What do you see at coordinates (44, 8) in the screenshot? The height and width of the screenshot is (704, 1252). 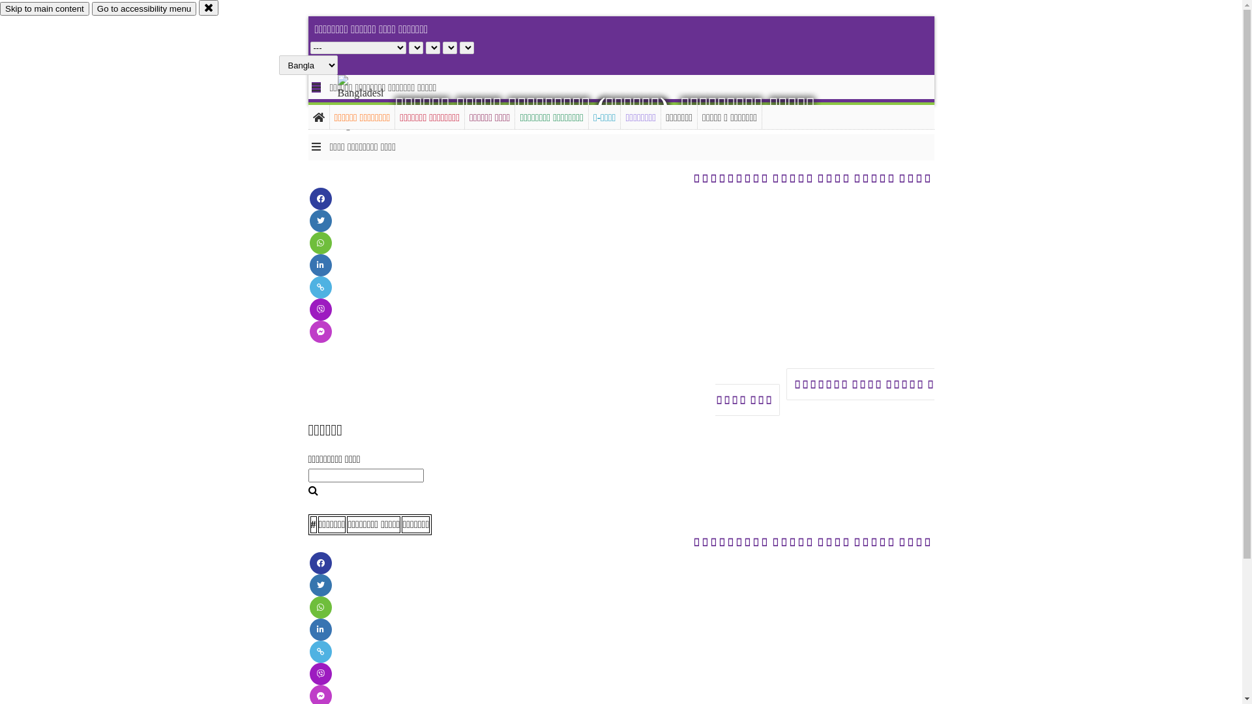 I see `'Skip to main content'` at bounding box center [44, 8].